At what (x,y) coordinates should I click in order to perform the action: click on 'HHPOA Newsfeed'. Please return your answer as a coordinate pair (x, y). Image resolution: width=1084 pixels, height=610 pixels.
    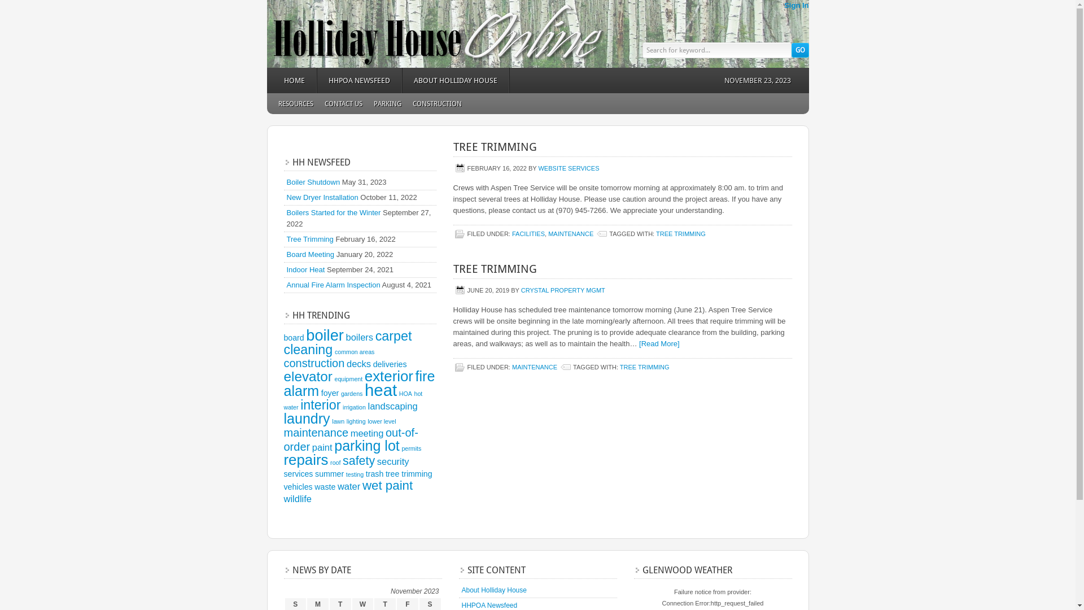
    Looking at the image, I should click on (489, 605).